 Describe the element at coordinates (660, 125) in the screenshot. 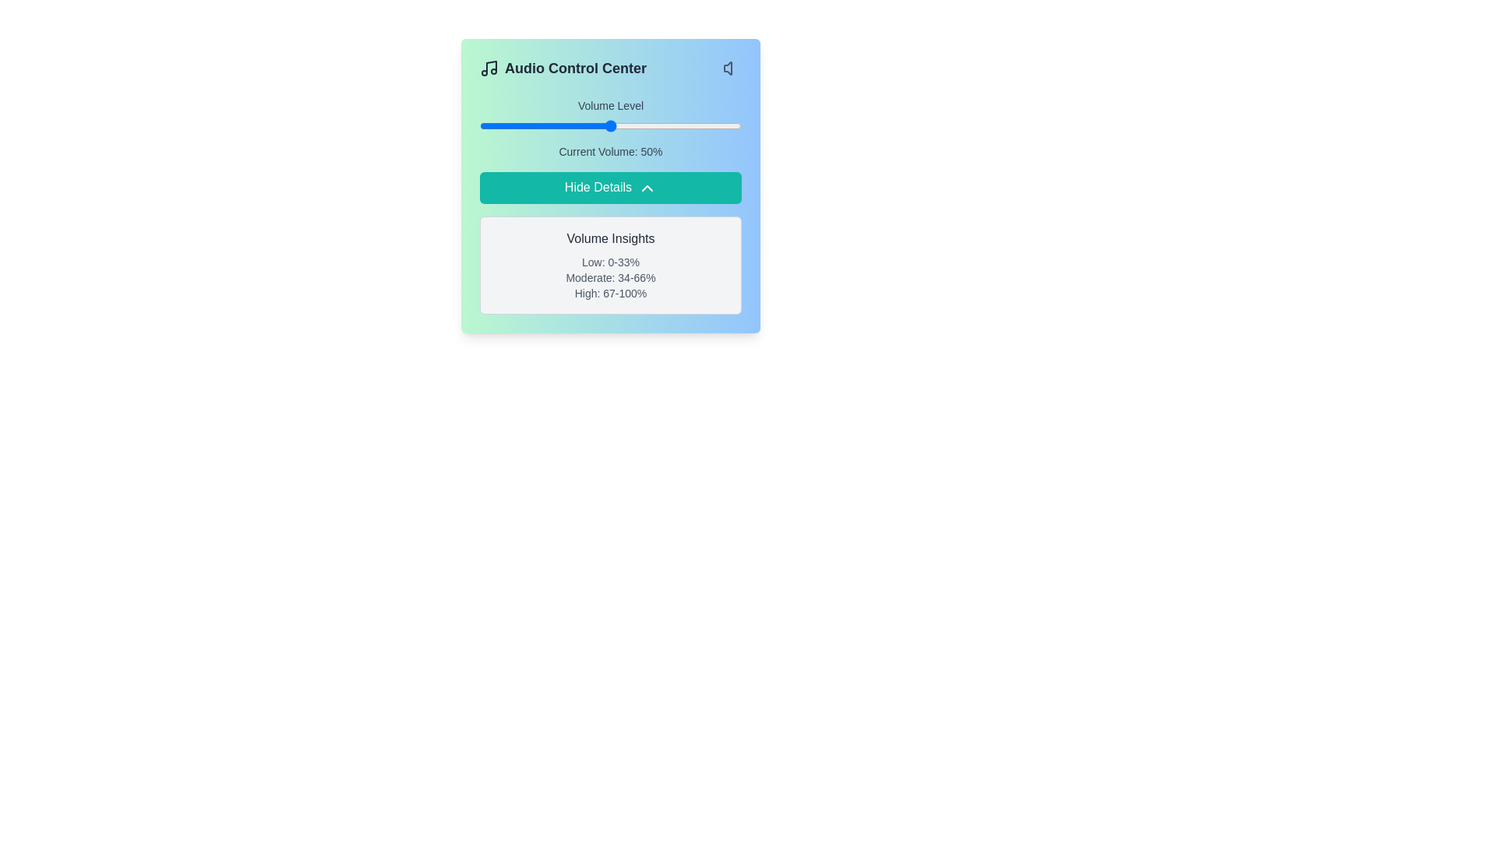

I see `the volume slider to set the volume to 69%` at that location.